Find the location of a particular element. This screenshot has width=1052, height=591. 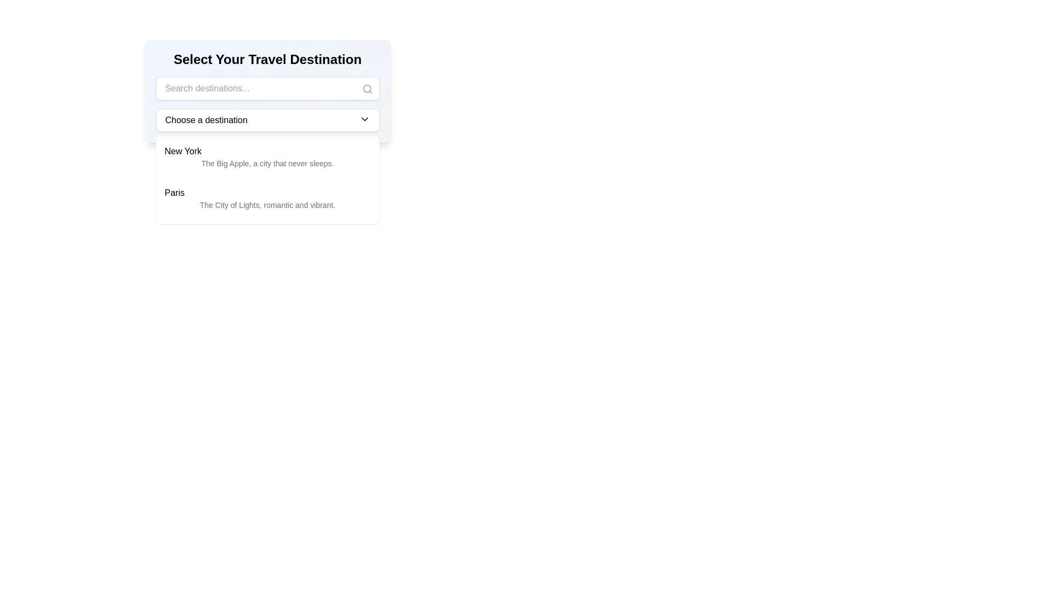

the text label for the 'Paris' travel destination entry, which is the first line of the second item in a vertical list of destinations, positioned directly below 'New York' is located at coordinates (174, 193).